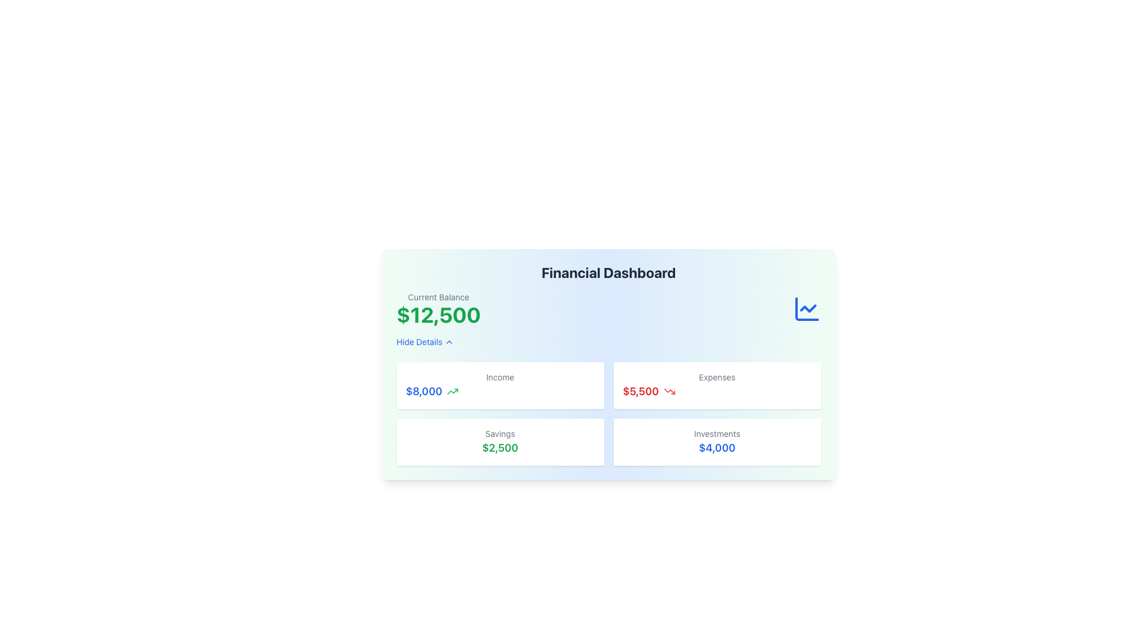  I want to click on the Text Display that shows the user's current balance, located in the top-left section of the user interface, to the left of a blue line chart icon, so click(438, 308).